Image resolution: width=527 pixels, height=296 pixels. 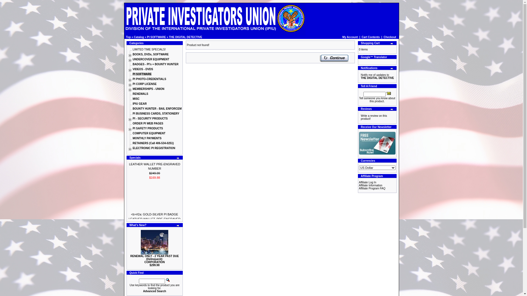 What do you see at coordinates (151, 59) in the screenshot?
I see `'UNDERCOVER EQUIPMENT'` at bounding box center [151, 59].